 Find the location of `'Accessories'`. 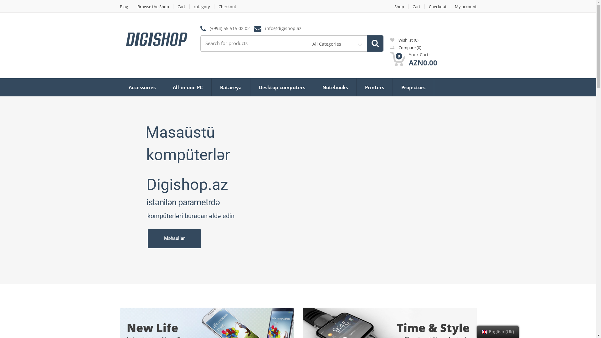

'Accessories' is located at coordinates (142, 87).